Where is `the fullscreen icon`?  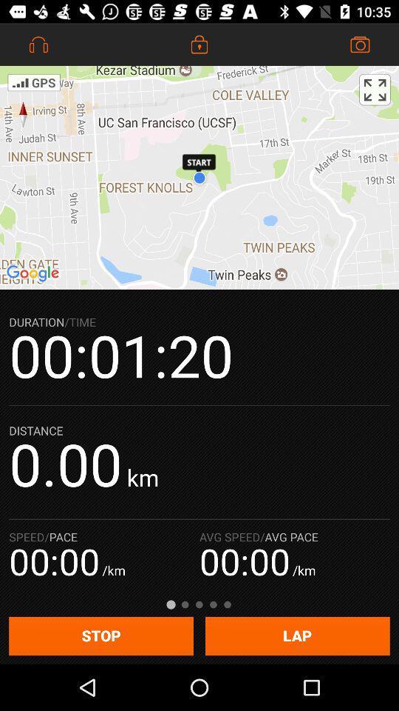 the fullscreen icon is located at coordinates (375, 89).